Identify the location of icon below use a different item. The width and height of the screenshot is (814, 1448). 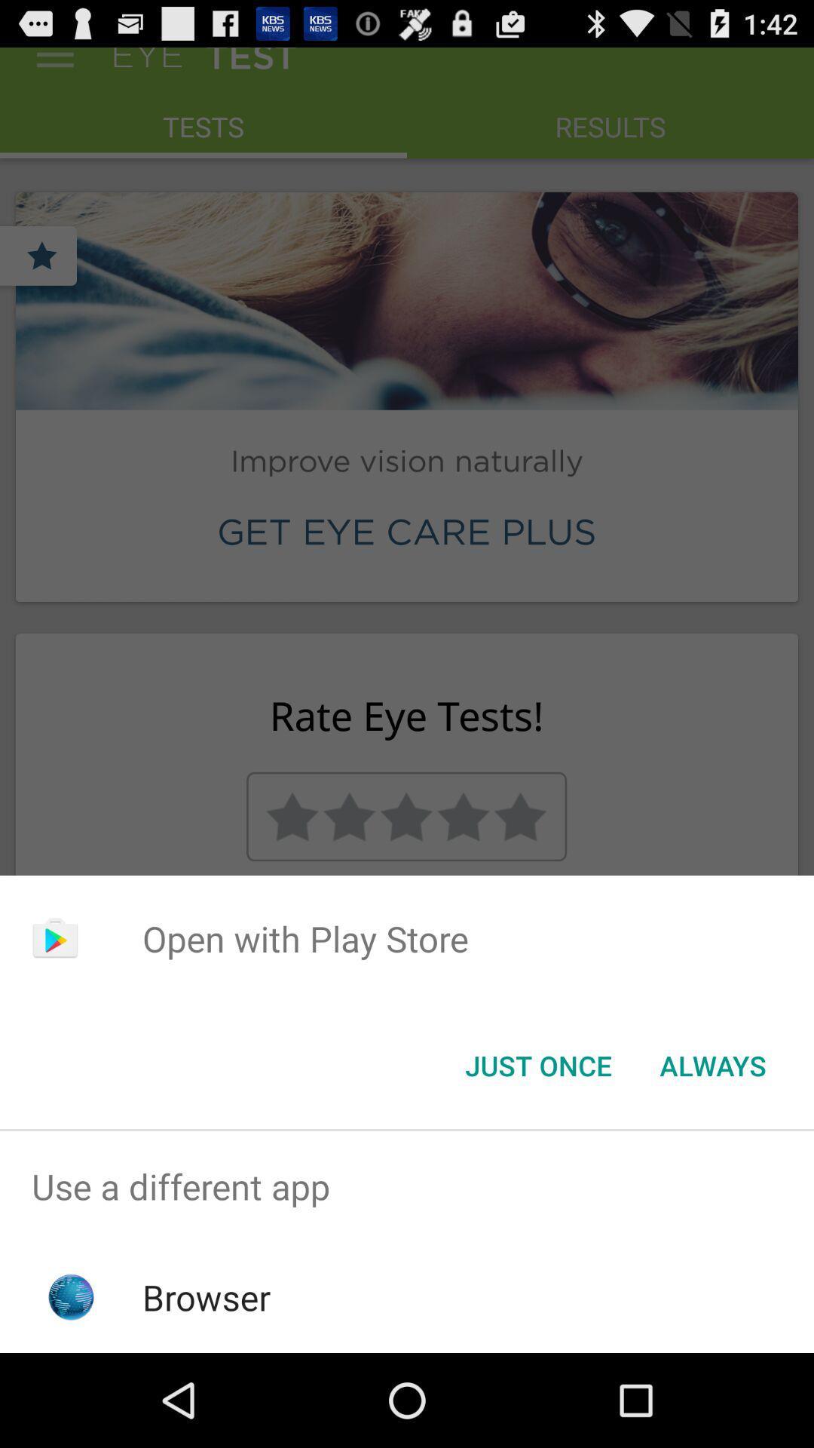
(207, 1296).